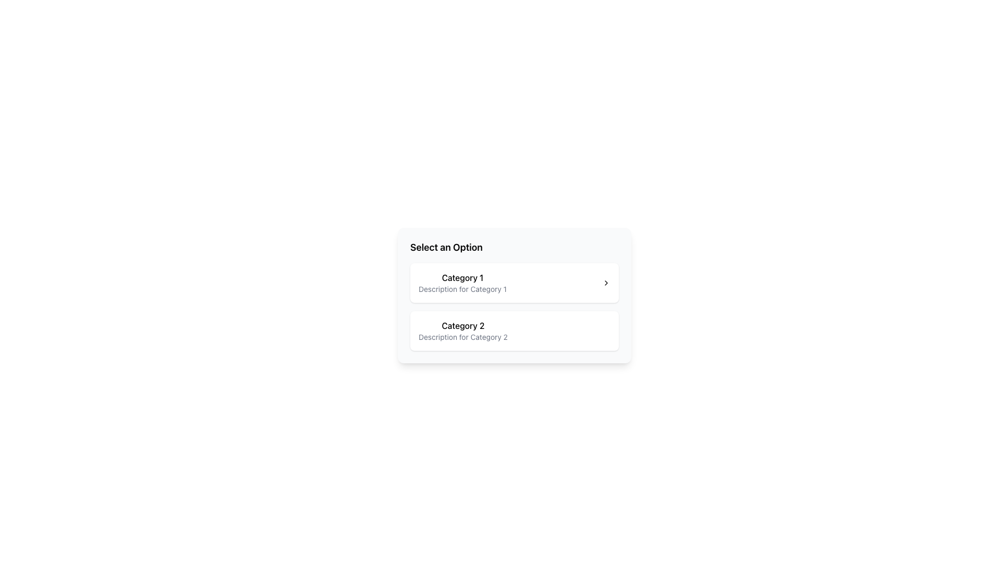  What do you see at coordinates (462, 277) in the screenshot?
I see `the text element 'Category 1' displayed in bold font located at the top of a card-like UI component` at bounding box center [462, 277].